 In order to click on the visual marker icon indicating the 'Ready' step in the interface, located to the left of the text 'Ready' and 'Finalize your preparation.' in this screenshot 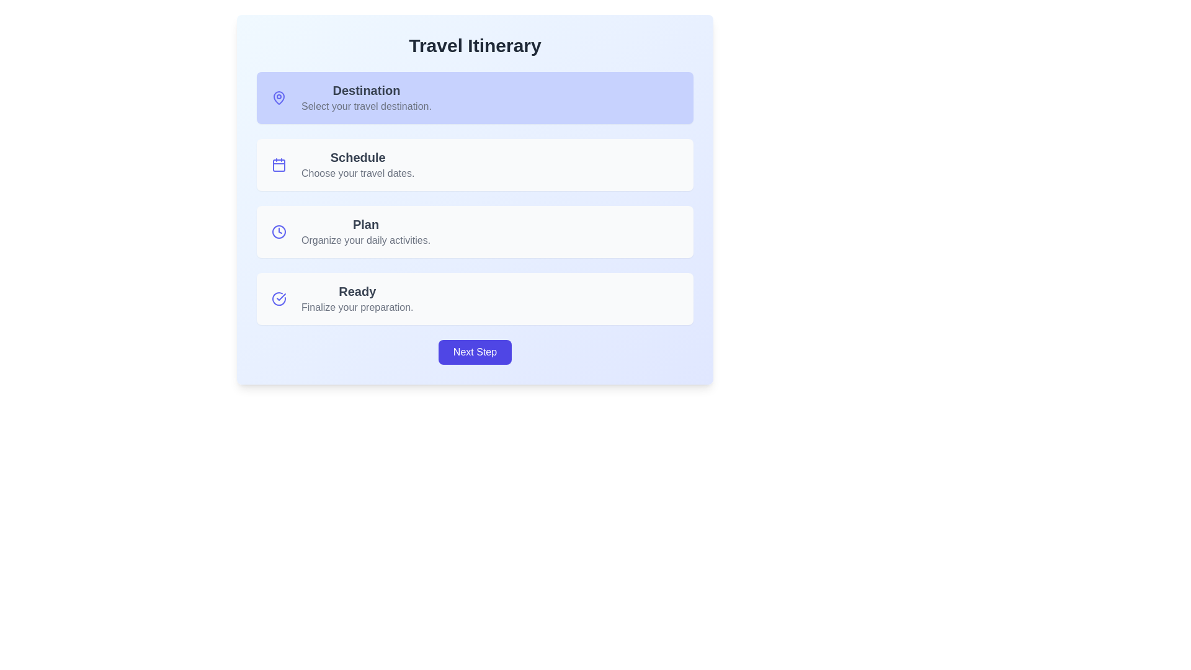, I will do `click(279, 299)`.